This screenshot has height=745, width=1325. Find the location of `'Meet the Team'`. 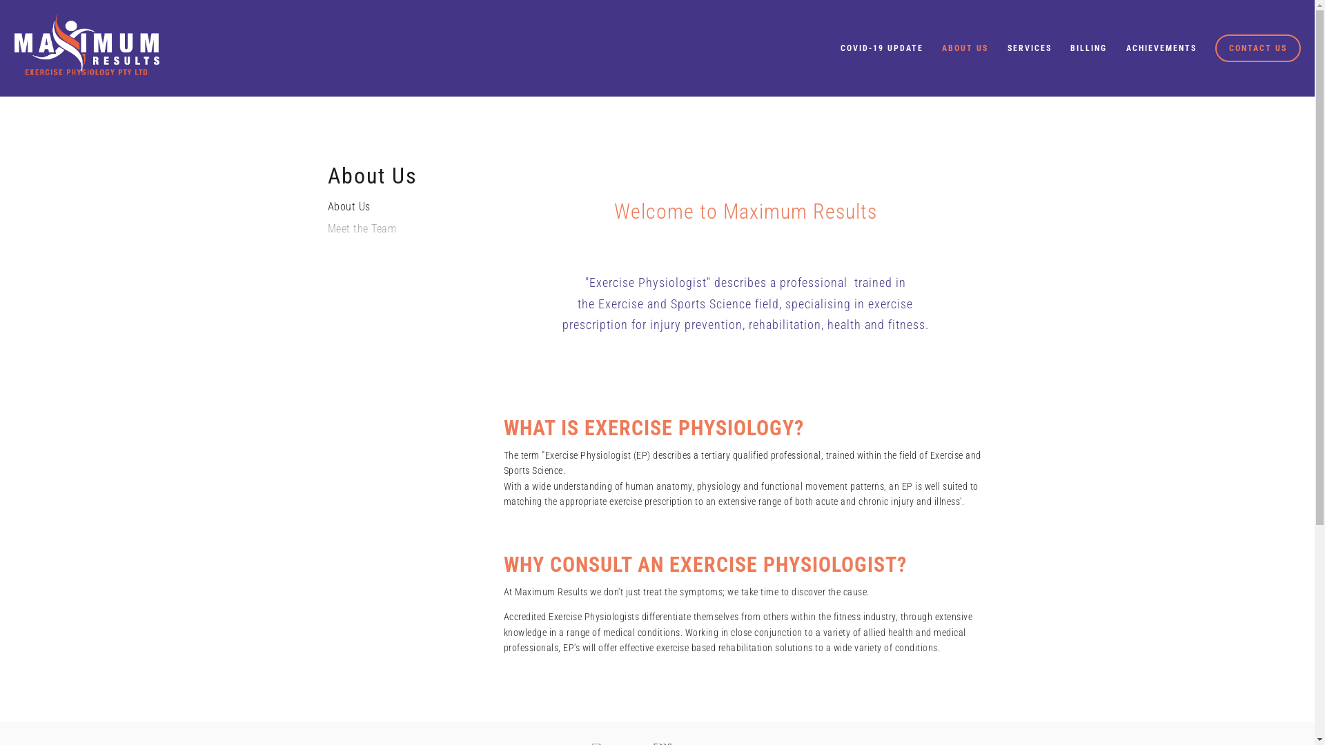

'Meet the Team' is located at coordinates (392, 232).